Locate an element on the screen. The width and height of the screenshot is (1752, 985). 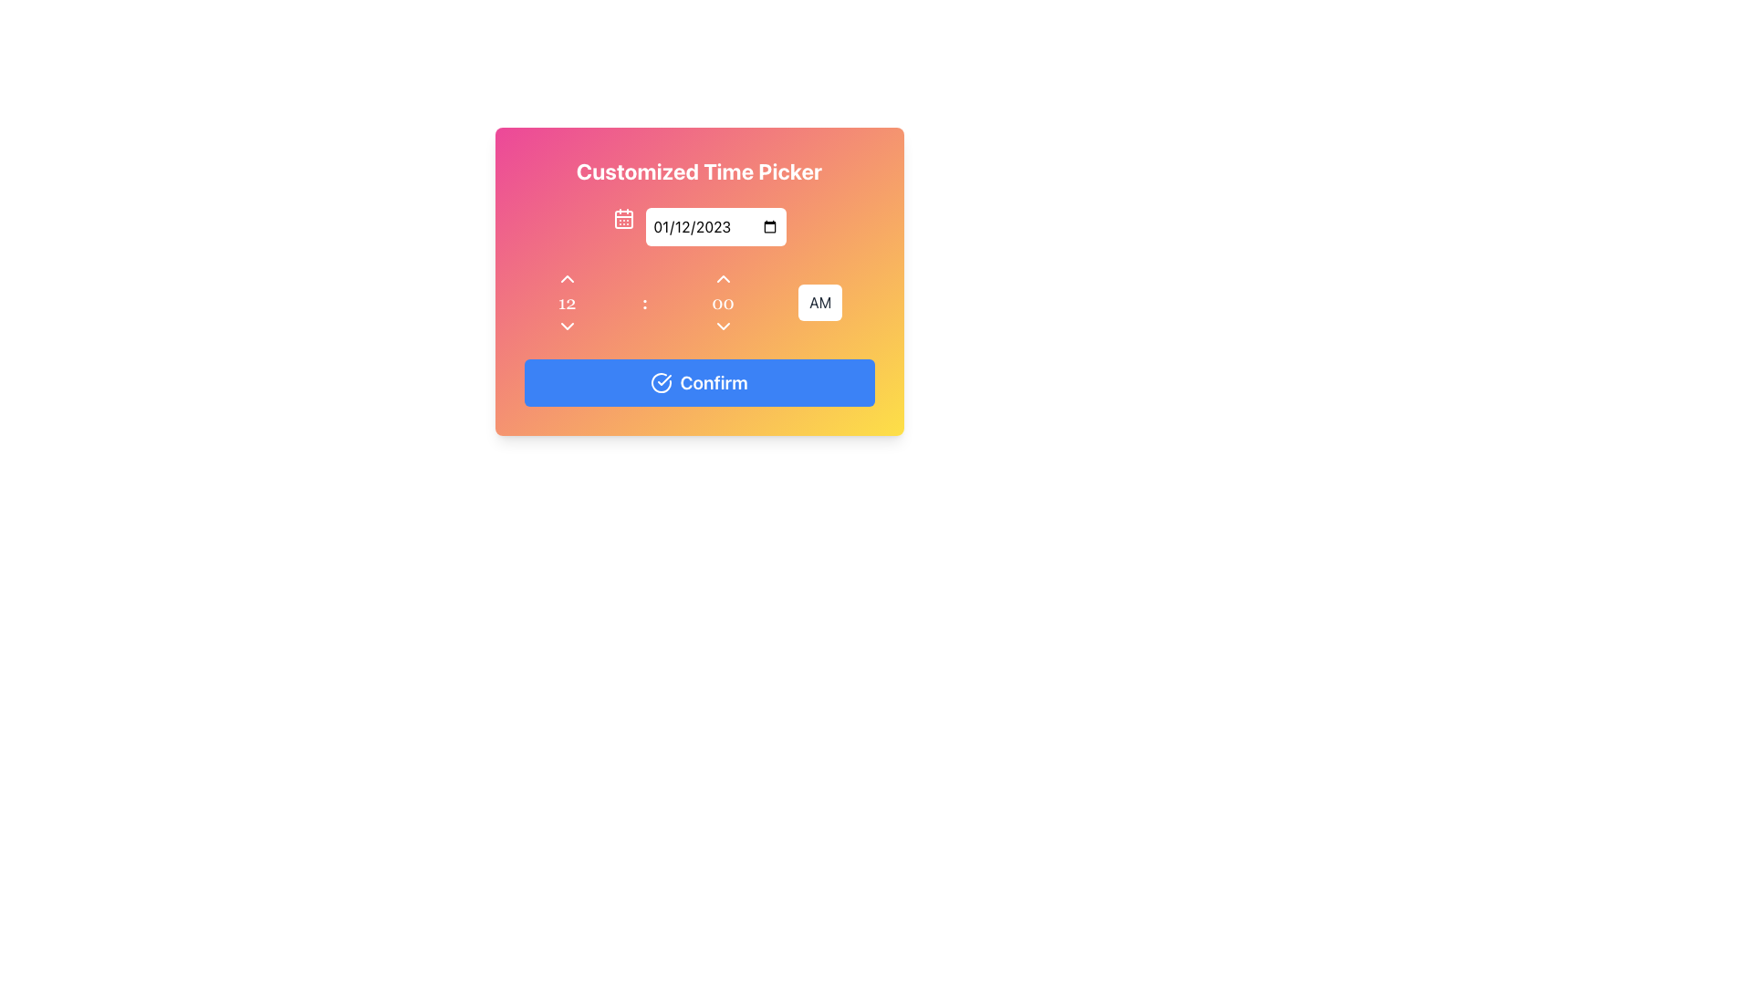
the increment Button located above the numeric input is located at coordinates (722, 278).